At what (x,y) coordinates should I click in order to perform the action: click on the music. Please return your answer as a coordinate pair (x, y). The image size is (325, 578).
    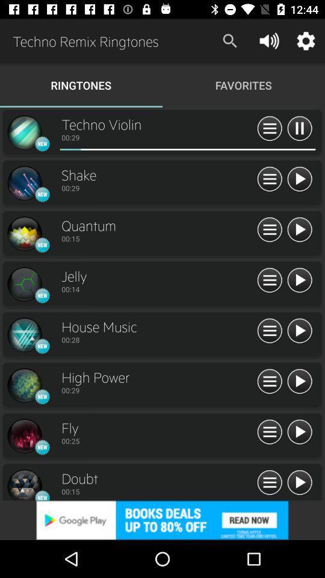
    Looking at the image, I should click on (299, 331).